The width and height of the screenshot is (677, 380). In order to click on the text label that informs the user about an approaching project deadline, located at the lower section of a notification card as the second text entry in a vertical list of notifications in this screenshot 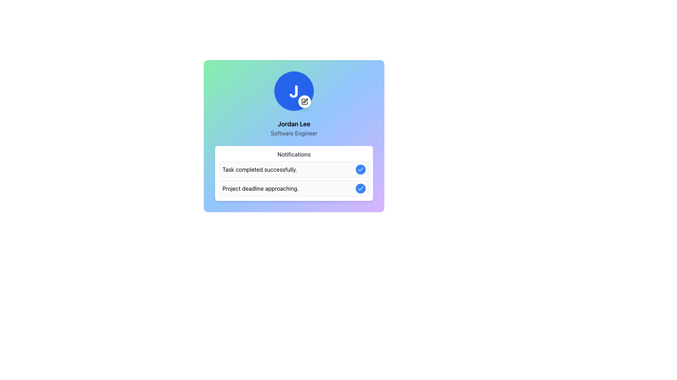, I will do `click(260, 188)`.